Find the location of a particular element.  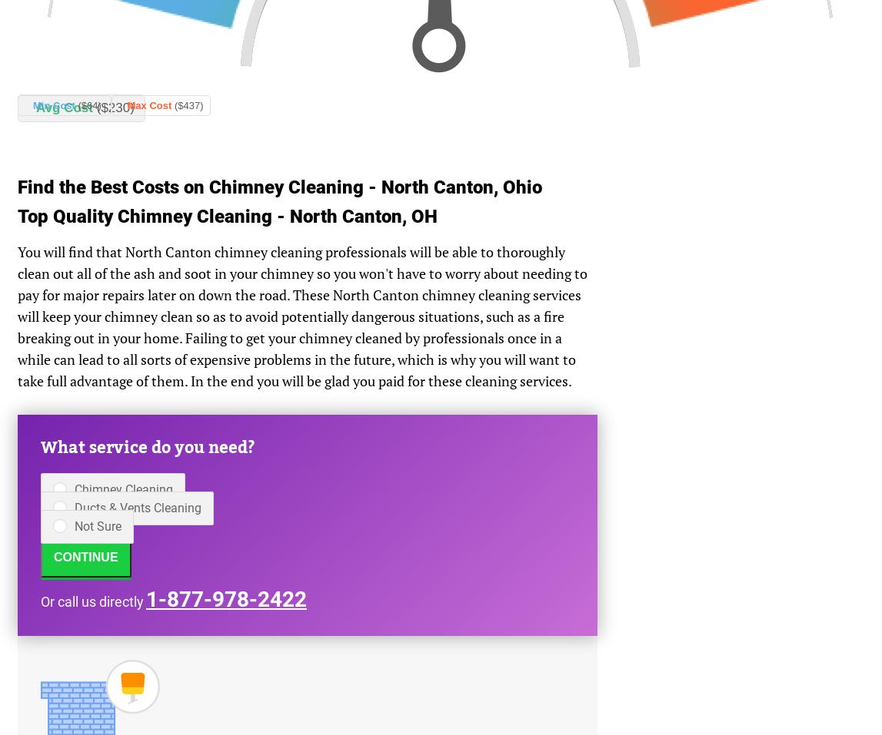

'Min Cost' is located at coordinates (55, 105).